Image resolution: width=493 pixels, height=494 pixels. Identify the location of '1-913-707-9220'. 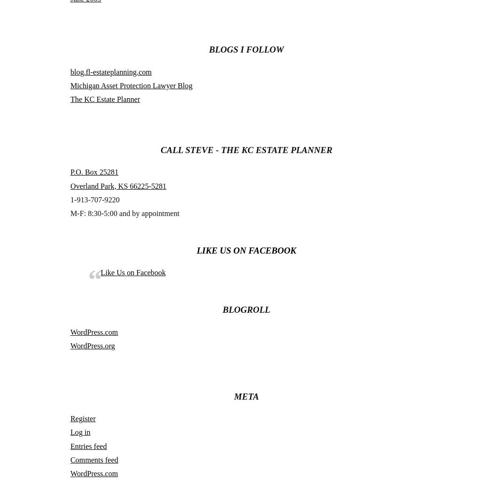
(94, 199).